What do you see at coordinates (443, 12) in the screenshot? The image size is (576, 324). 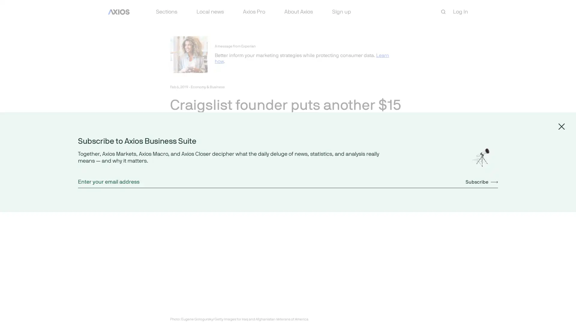 I see `open search` at bounding box center [443, 12].